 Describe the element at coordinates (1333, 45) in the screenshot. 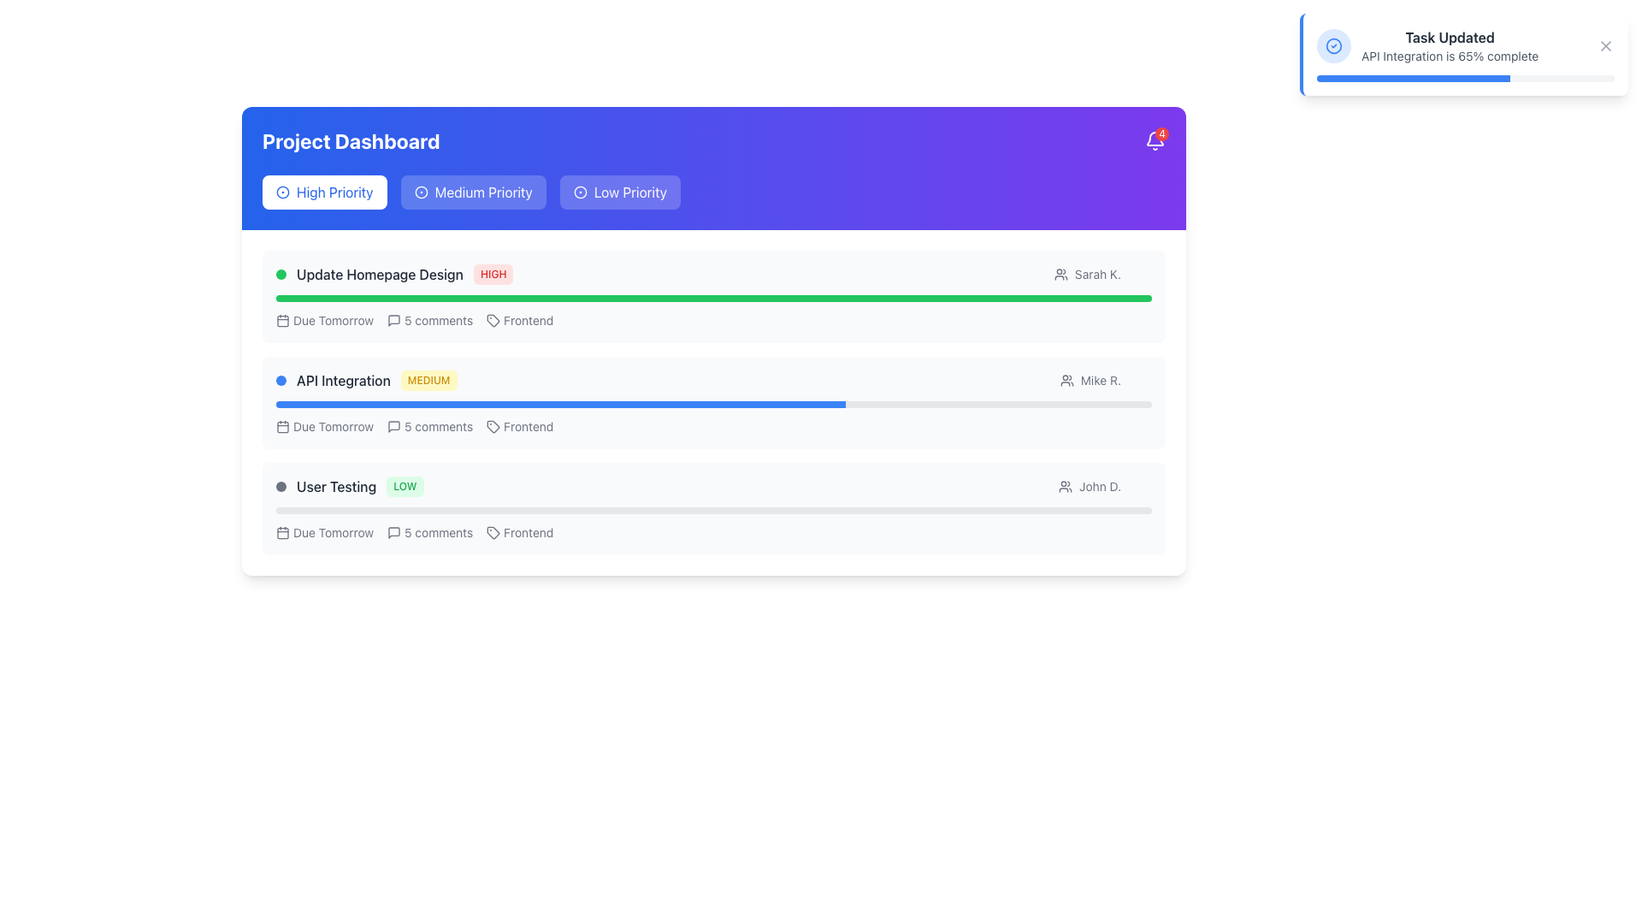

I see `the SVG graphical circle that represents part of a notification icon located` at that location.